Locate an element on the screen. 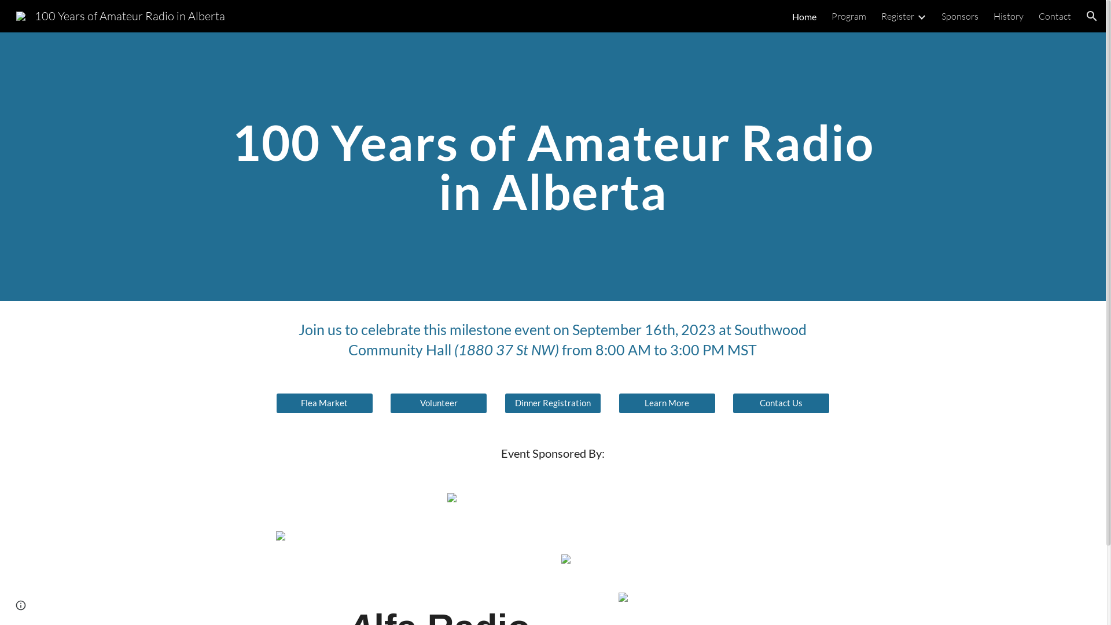  'Register' is located at coordinates (897, 16).